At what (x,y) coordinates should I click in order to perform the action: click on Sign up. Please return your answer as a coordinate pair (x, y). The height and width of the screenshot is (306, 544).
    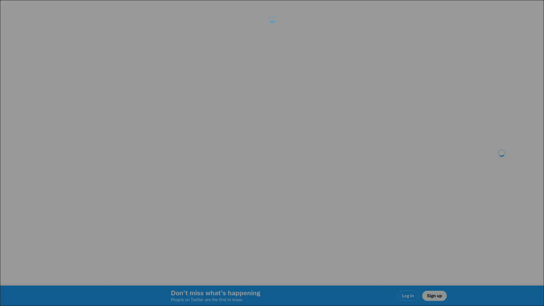
    Looking at the image, I should click on (205, 193).